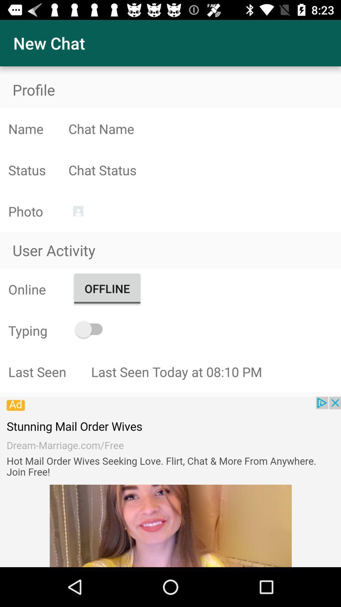  What do you see at coordinates (205, 170) in the screenshot?
I see `text box for chat status` at bounding box center [205, 170].